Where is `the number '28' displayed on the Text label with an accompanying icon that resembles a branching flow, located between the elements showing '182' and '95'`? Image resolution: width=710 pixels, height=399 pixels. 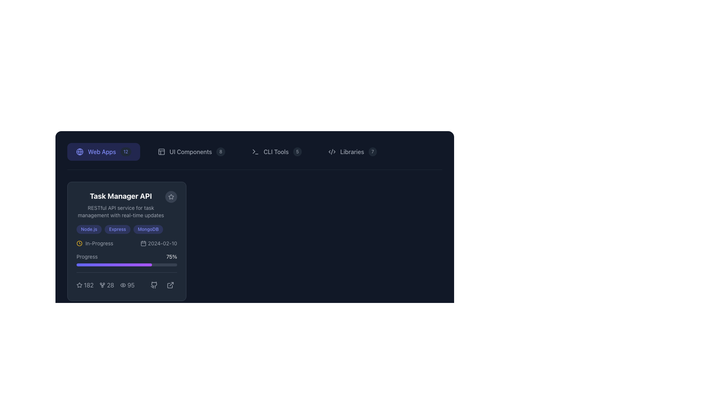 the number '28' displayed on the Text label with an accompanying icon that resembles a branching flow, located between the elements showing '182' and '95' is located at coordinates (106, 284).